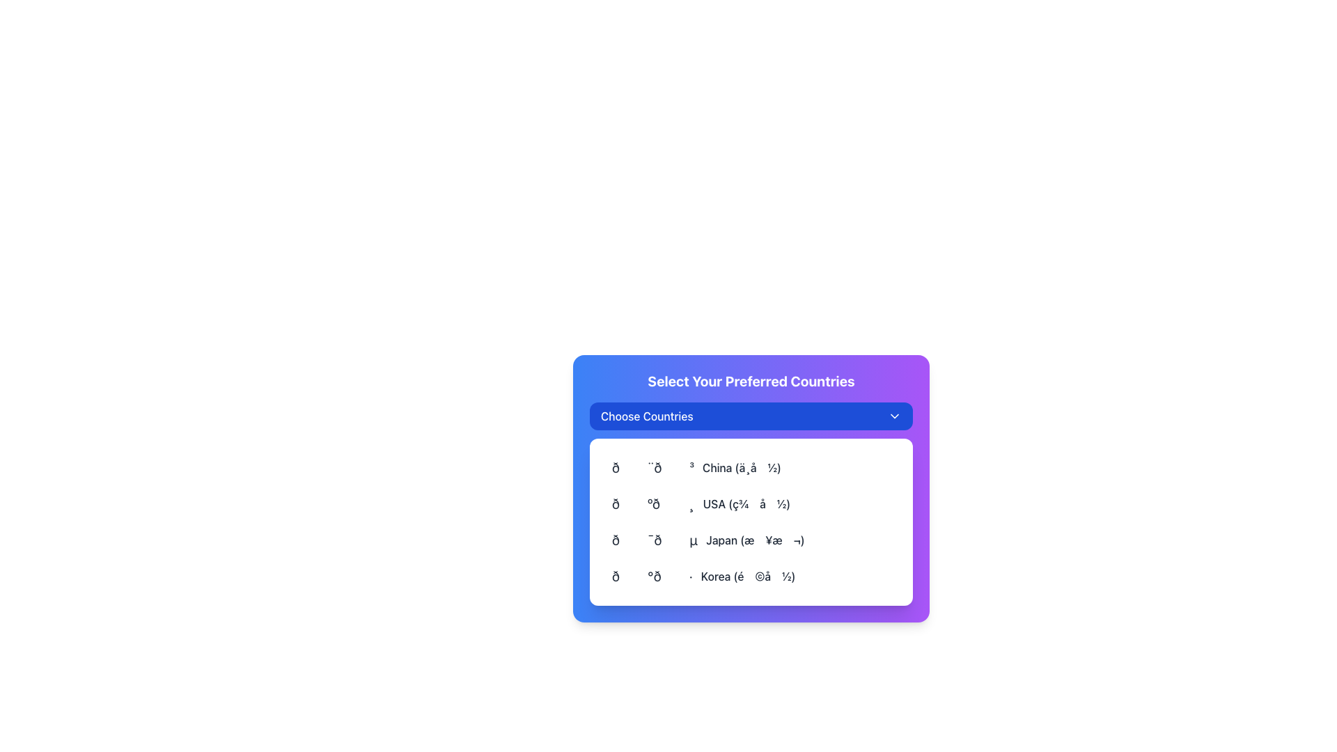  Describe the element at coordinates (696, 467) in the screenshot. I see `the first list item displaying the emoji flag and text 'China (中国)'` at that location.